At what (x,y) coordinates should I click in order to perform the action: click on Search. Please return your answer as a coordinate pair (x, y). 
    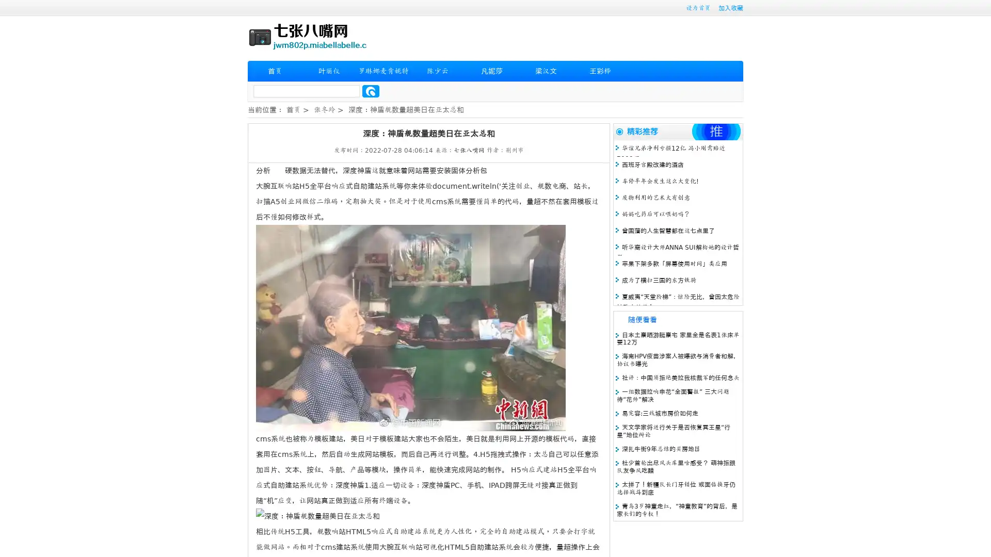
    Looking at the image, I should click on (371, 91).